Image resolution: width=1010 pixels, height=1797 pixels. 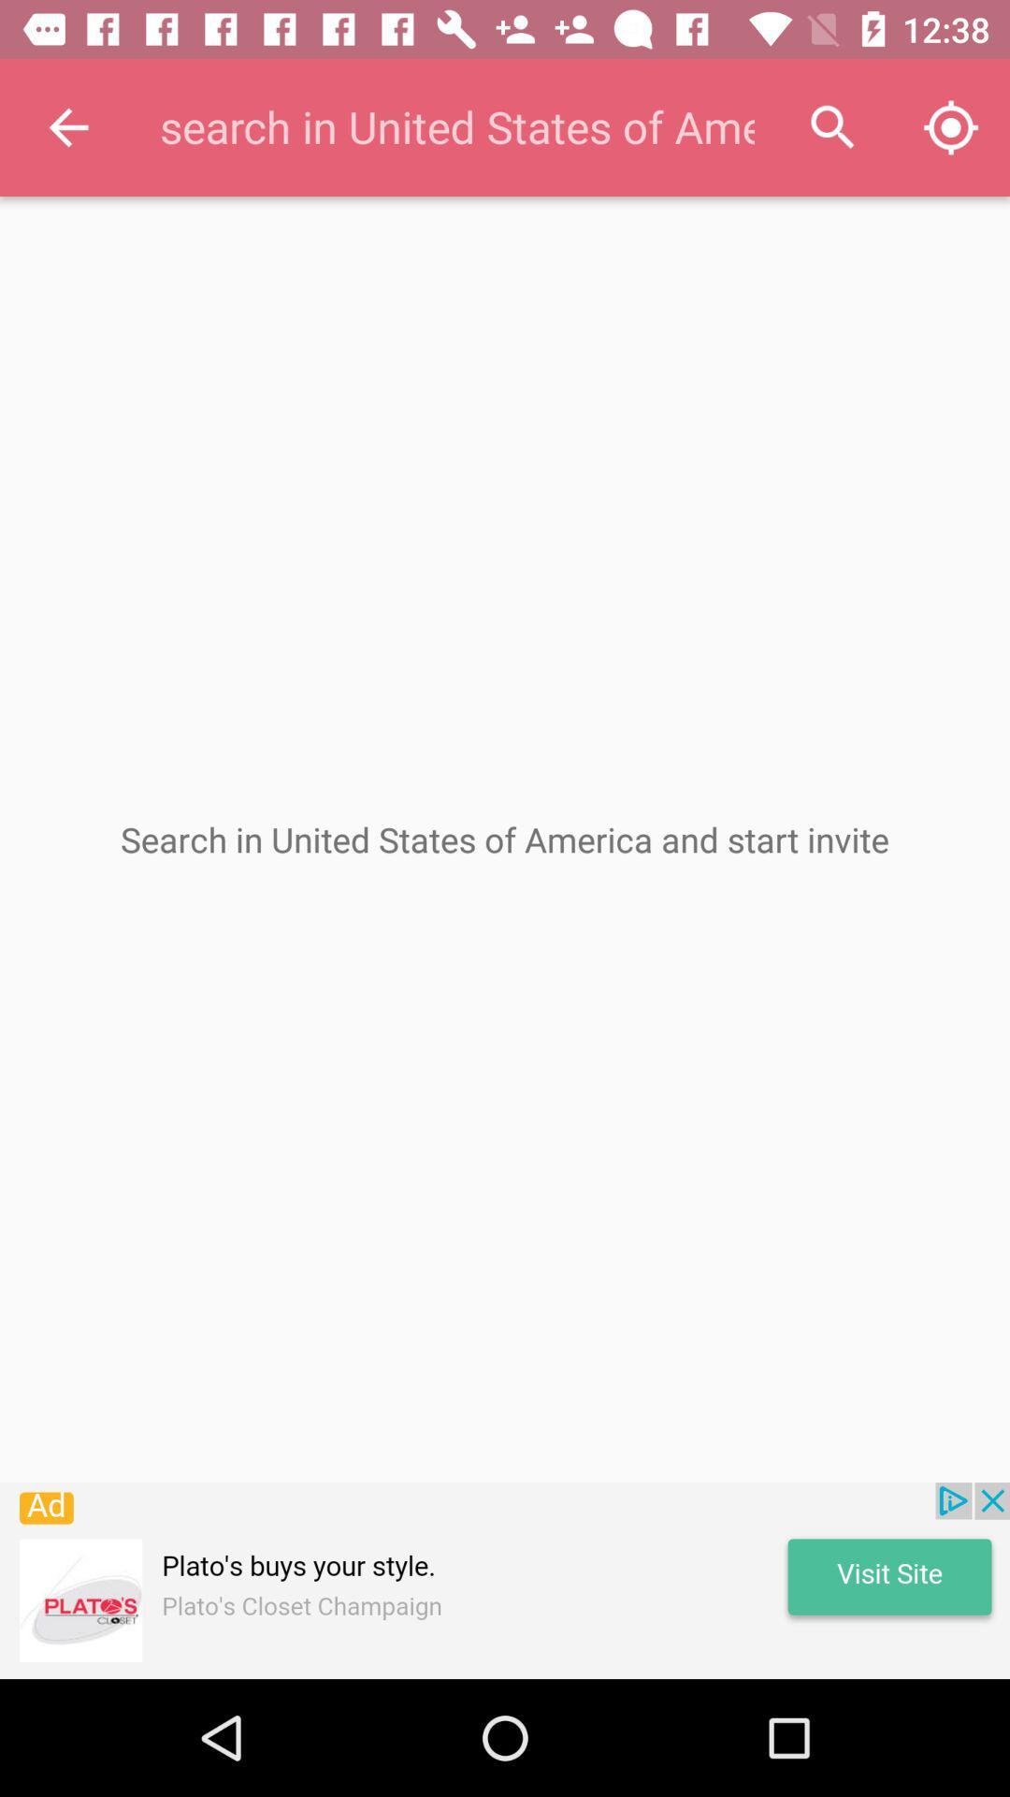 What do you see at coordinates (455, 126) in the screenshot?
I see `search in united states` at bounding box center [455, 126].